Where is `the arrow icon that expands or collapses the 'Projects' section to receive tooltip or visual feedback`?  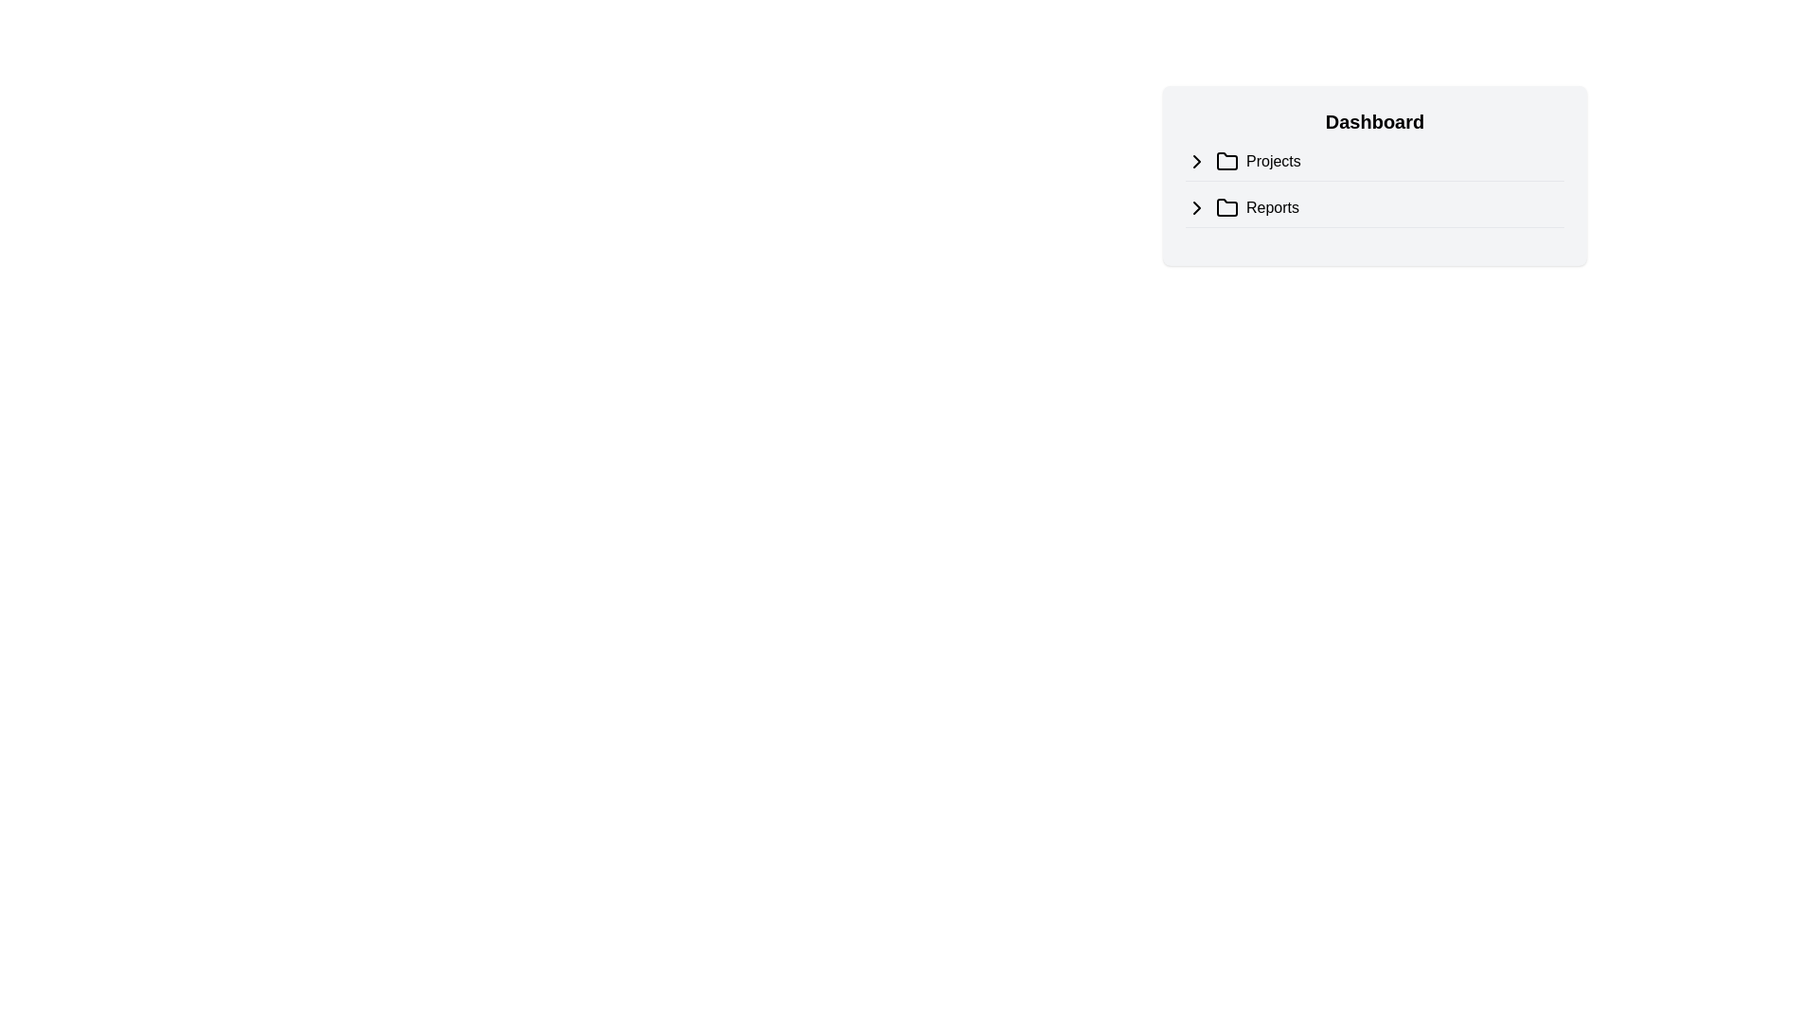 the arrow icon that expands or collapses the 'Projects' section to receive tooltip or visual feedback is located at coordinates (1196, 160).